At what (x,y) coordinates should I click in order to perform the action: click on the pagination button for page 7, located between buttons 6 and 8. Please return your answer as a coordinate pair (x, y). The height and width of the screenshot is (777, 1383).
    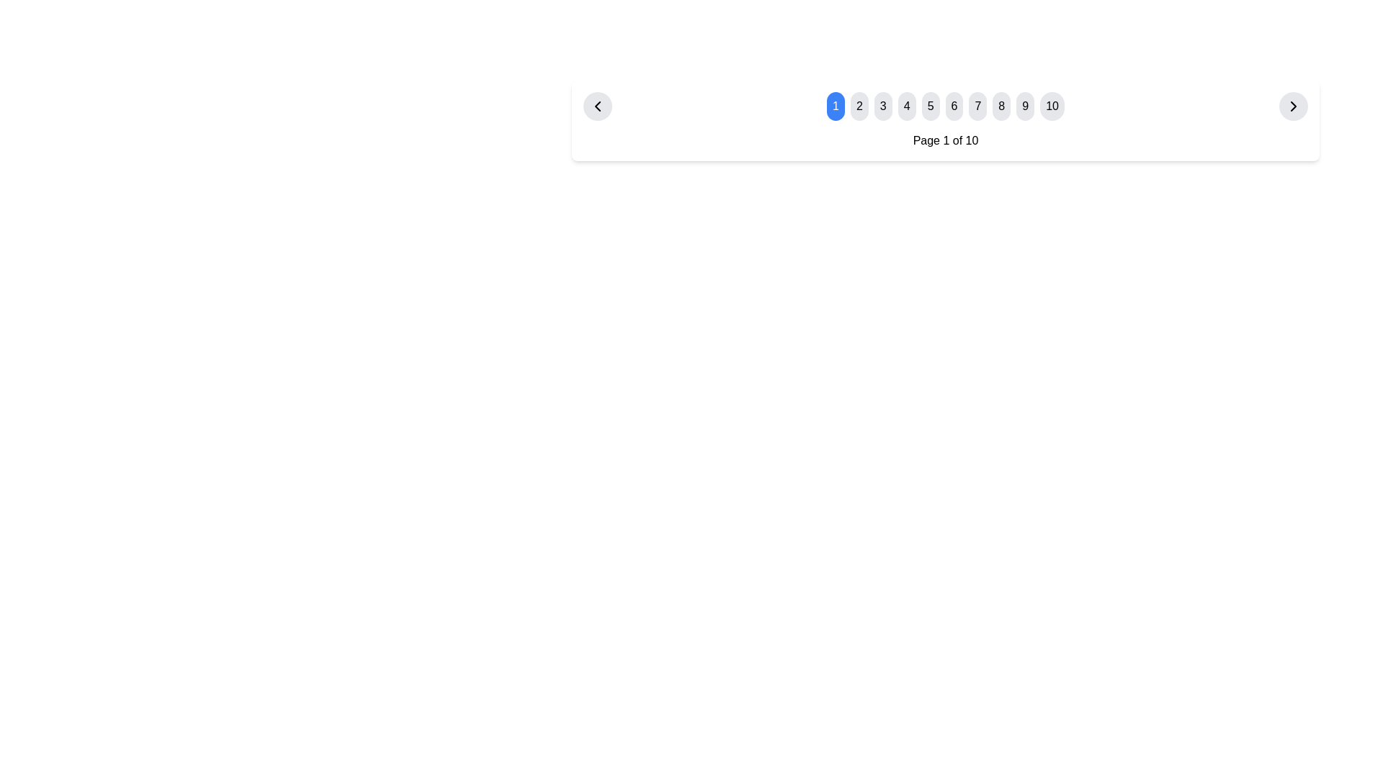
    Looking at the image, I should click on (977, 105).